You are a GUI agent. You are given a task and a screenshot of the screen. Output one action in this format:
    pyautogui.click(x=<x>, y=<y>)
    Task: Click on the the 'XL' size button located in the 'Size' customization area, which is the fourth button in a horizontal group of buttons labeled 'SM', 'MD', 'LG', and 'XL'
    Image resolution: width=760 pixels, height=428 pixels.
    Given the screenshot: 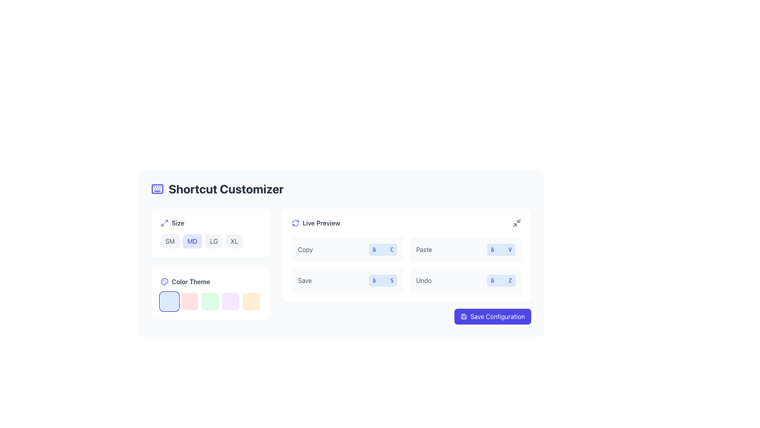 What is the action you would take?
    pyautogui.click(x=234, y=241)
    